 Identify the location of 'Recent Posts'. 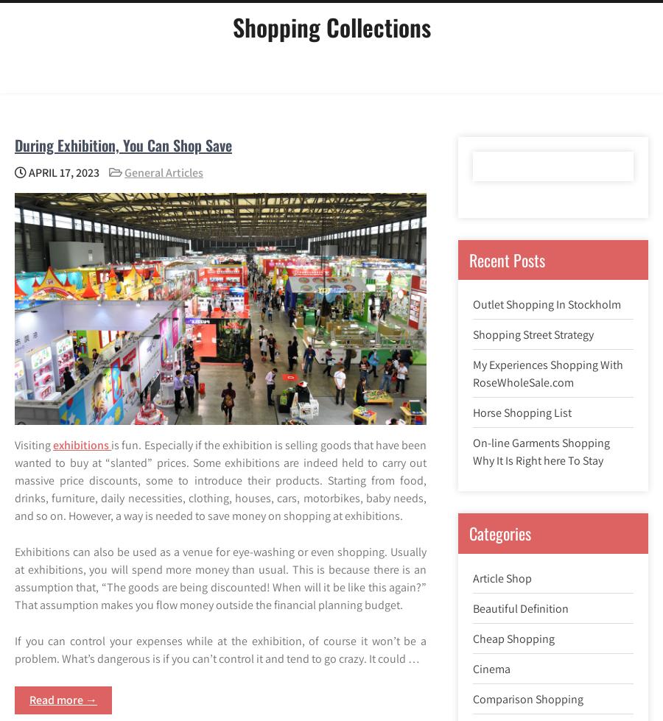
(506, 260).